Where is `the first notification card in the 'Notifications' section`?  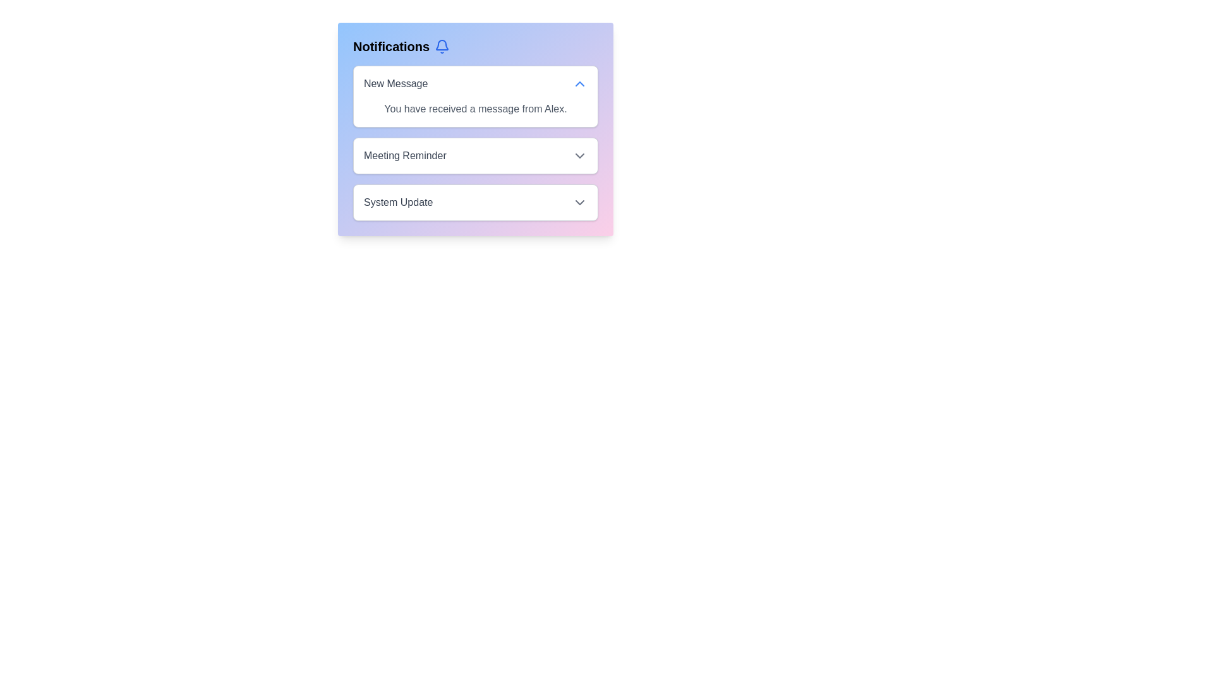
the first notification card in the 'Notifications' section is located at coordinates (475, 96).